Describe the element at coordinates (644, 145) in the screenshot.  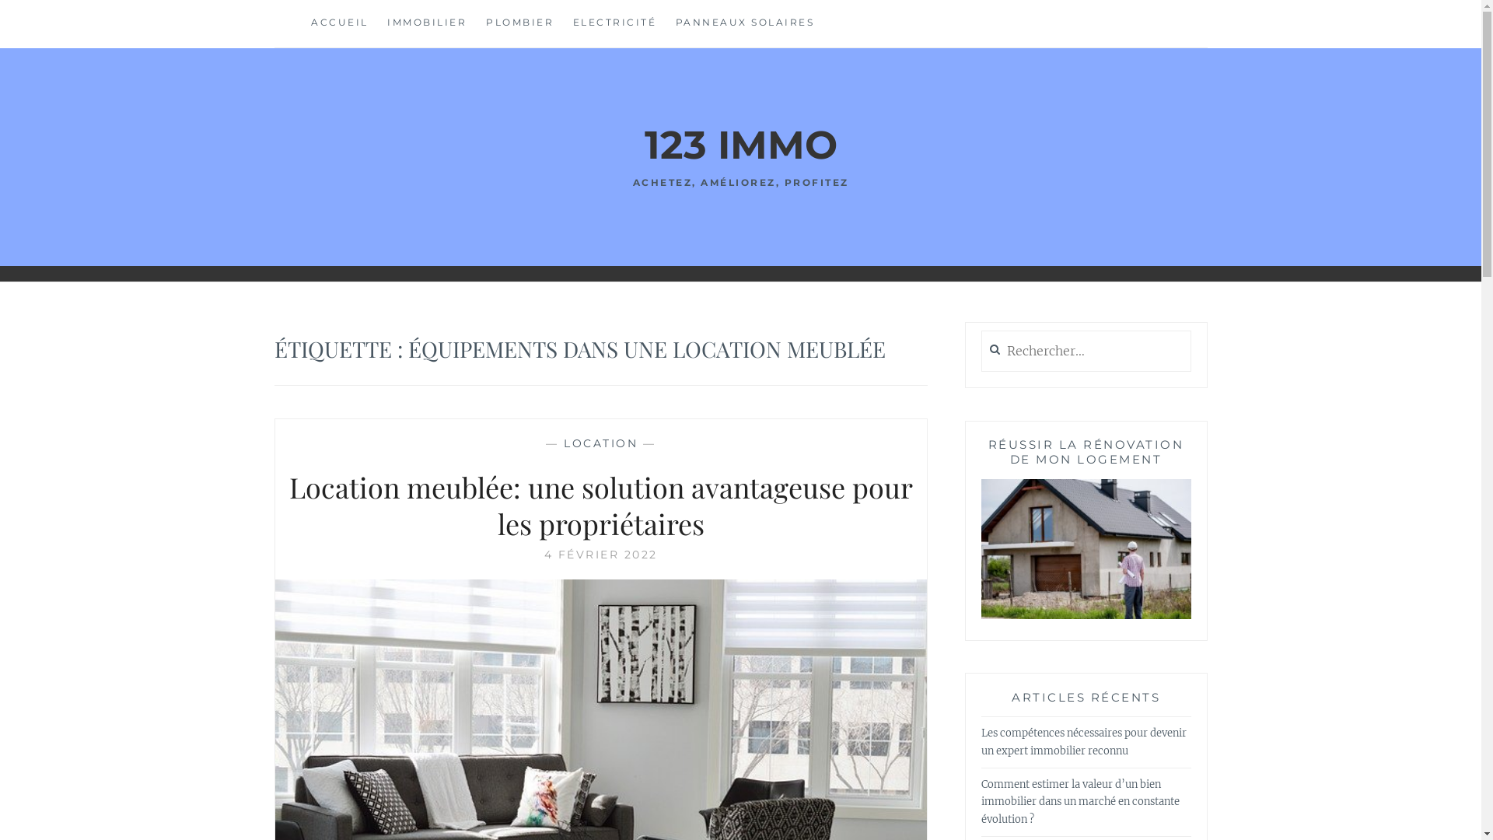
I see `'123 IMMO'` at that location.